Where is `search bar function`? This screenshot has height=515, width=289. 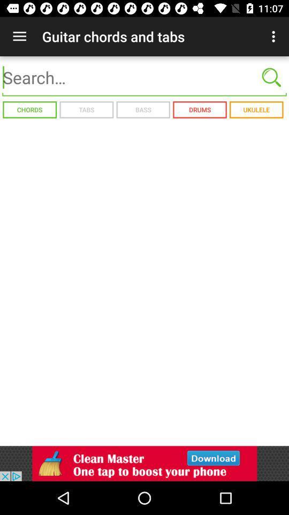 search bar function is located at coordinates (144, 77).